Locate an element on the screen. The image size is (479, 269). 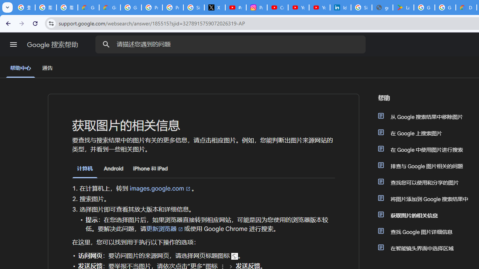
'Last Shelter: Survival - Apps on Google Play' is located at coordinates (403, 7).